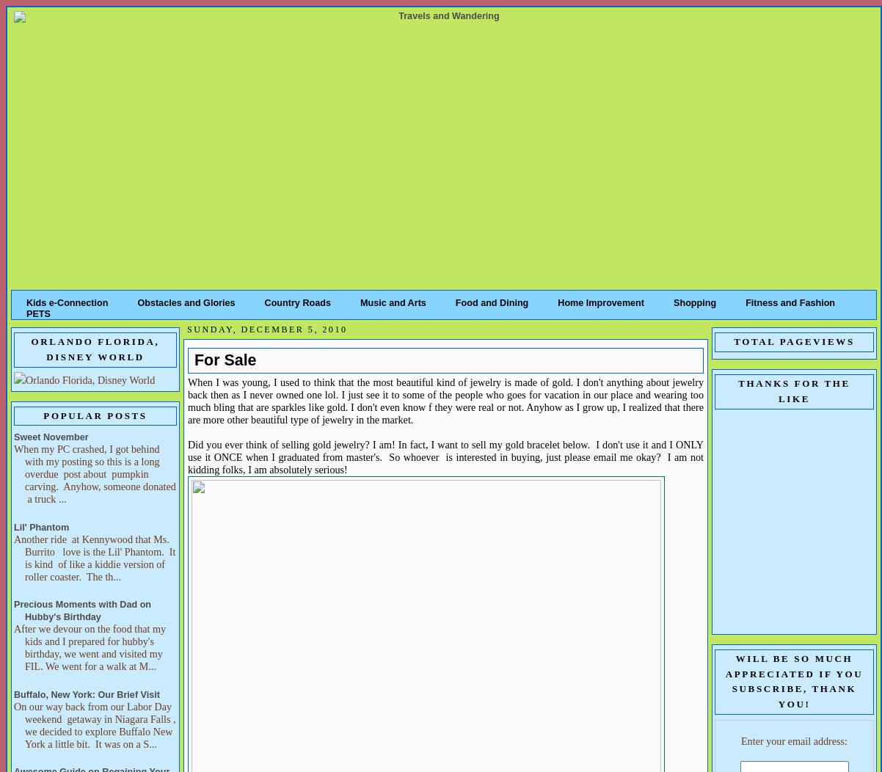  What do you see at coordinates (445, 456) in the screenshot?
I see `'Did you ever think of selling gold jewelry?  I am!  In fact, I want to sell my gold bracelet below.  I don't use it and I ONLY use it ONCE when I graduated from master's.  So whoever  is interested in buying, just please email me okay?  I am not kidding folks, I am absolutely serious!'` at bounding box center [445, 456].